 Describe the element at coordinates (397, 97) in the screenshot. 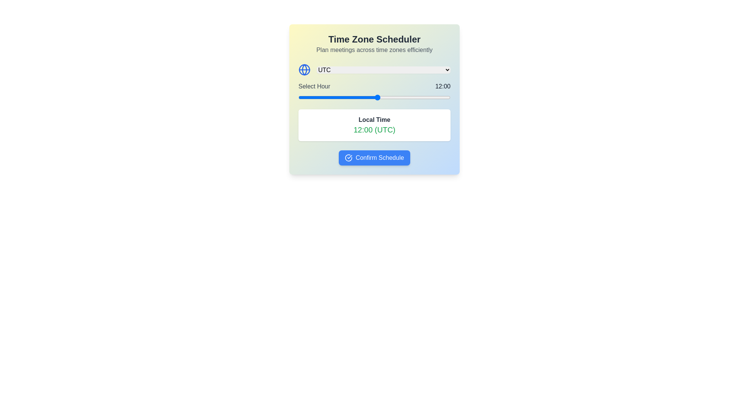

I see `the hour` at that location.